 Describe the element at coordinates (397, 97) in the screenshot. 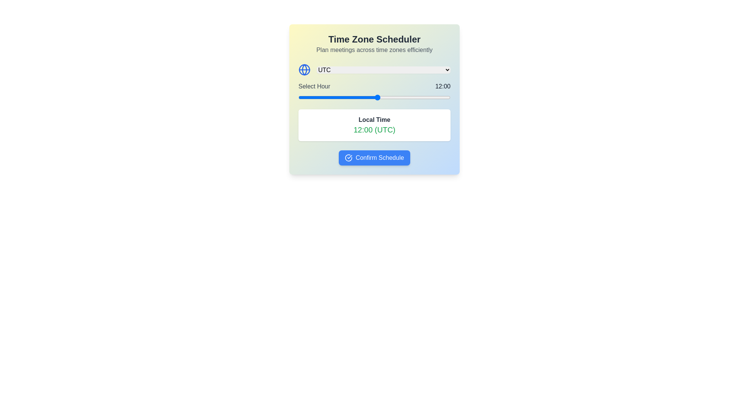

I see `the hour` at that location.